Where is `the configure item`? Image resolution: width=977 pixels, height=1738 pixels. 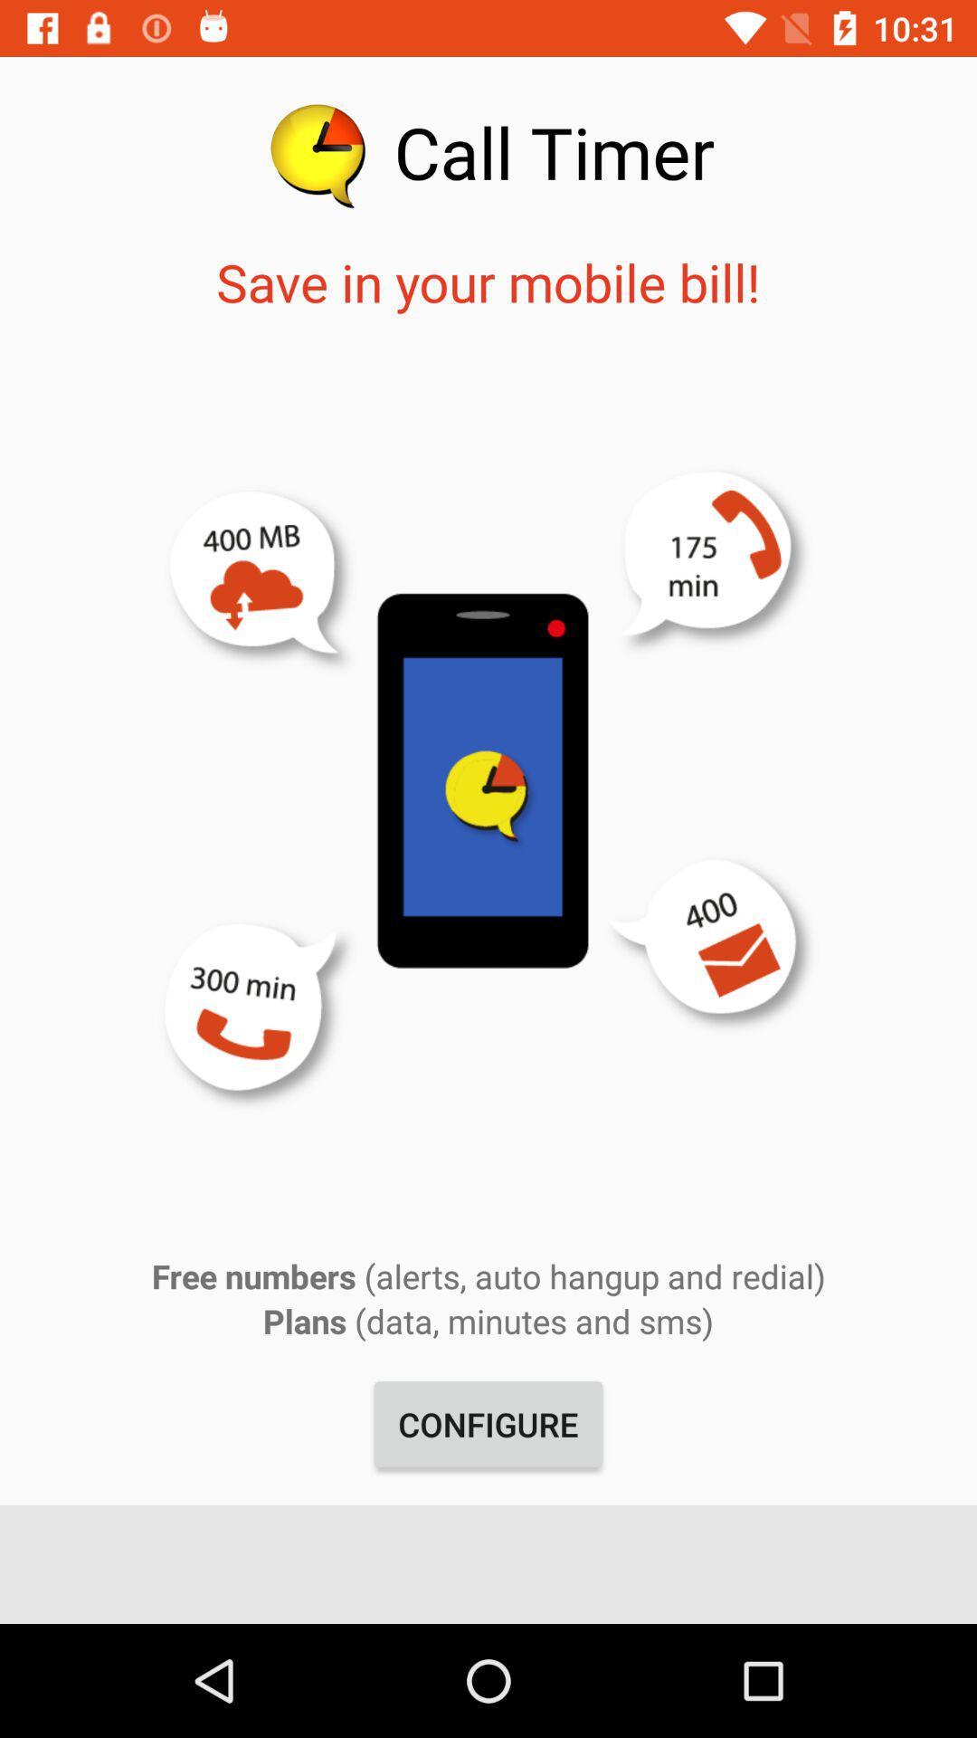 the configure item is located at coordinates (488, 1423).